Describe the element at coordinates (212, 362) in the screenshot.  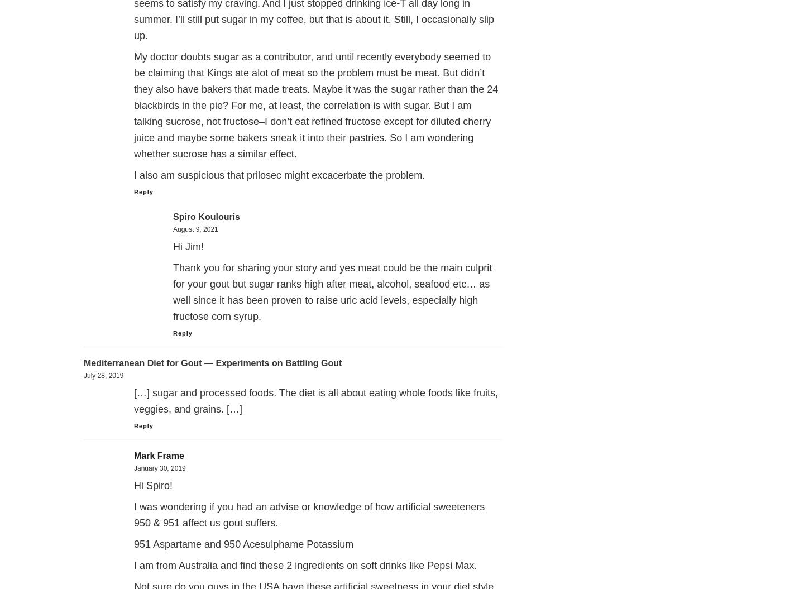
I see `'Mediterranean Diet for Gout — Experiments on Battling Gout'` at that location.